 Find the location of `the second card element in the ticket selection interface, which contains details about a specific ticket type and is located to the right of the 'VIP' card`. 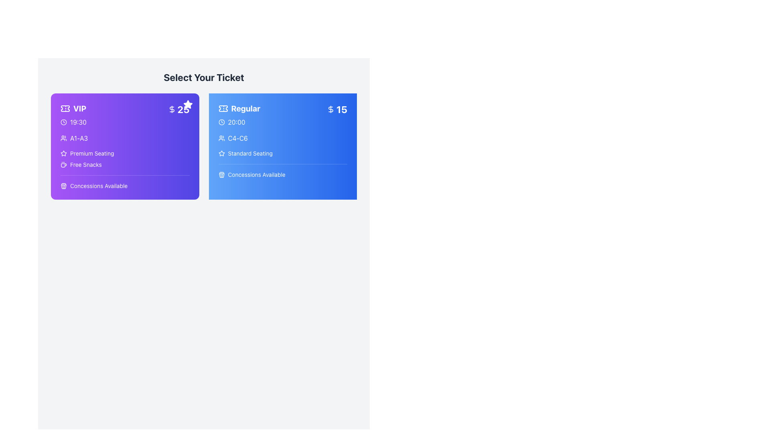

the second card element in the ticket selection interface, which contains details about a specific ticket type and is located to the right of the 'VIP' card is located at coordinates (283, 140).